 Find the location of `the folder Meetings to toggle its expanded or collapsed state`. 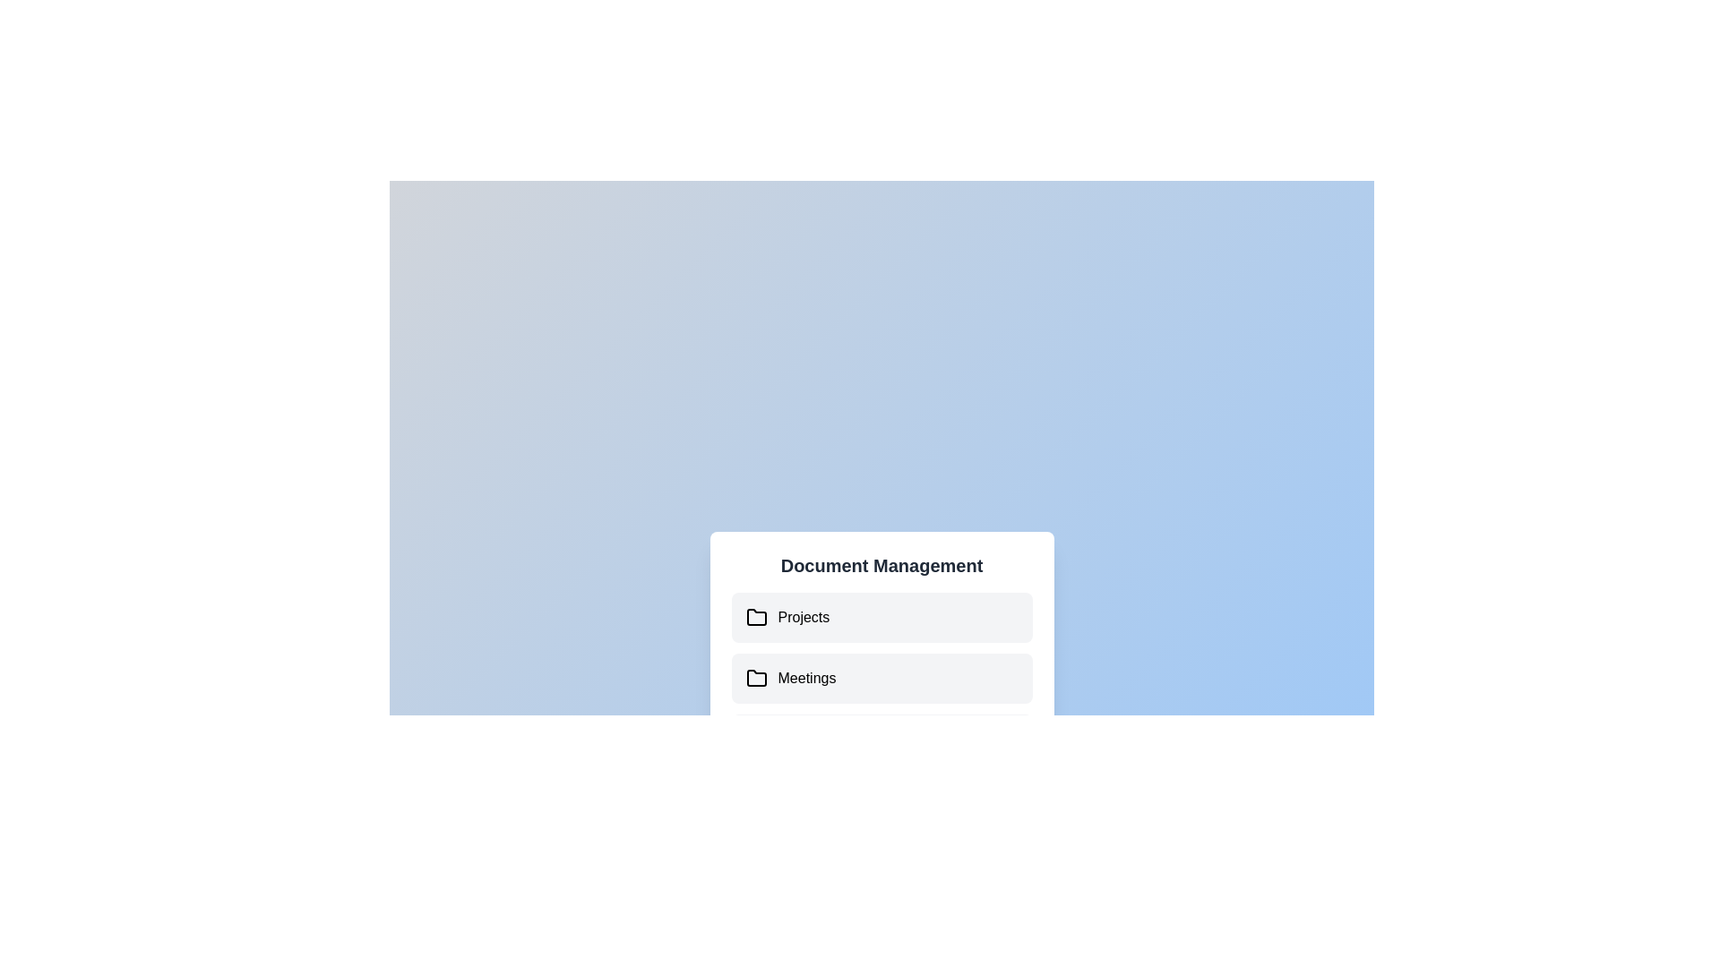

the folder Meetings to toggle its expanded or collapsed state is located at coordinates (881, 679).